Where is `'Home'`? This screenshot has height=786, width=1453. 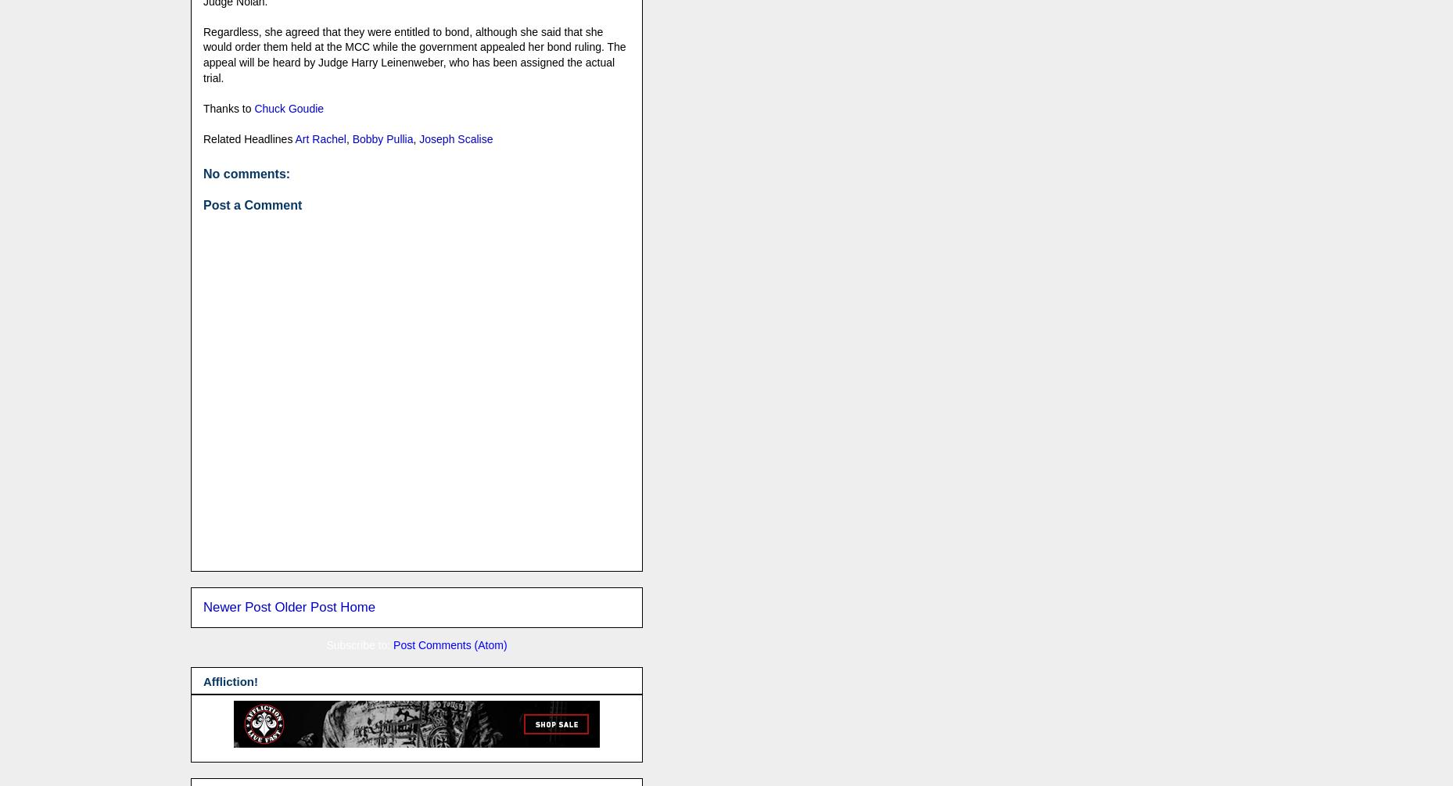 'Home' is located at coordinates (357, 606).